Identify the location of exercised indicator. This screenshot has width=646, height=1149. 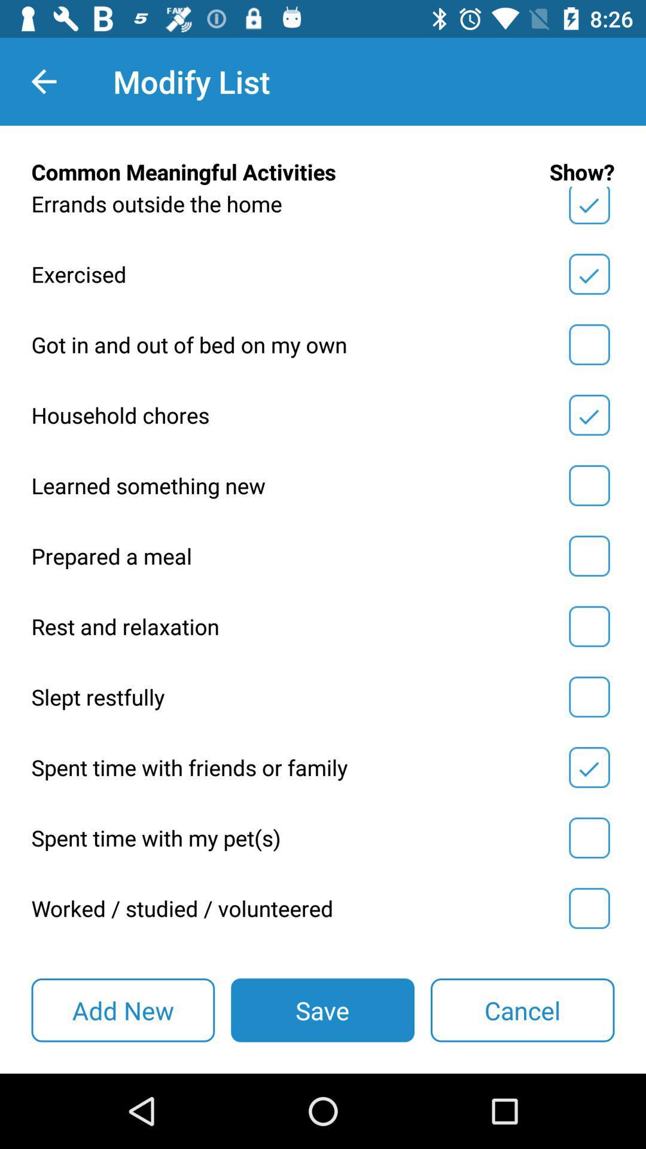
(589, 273).